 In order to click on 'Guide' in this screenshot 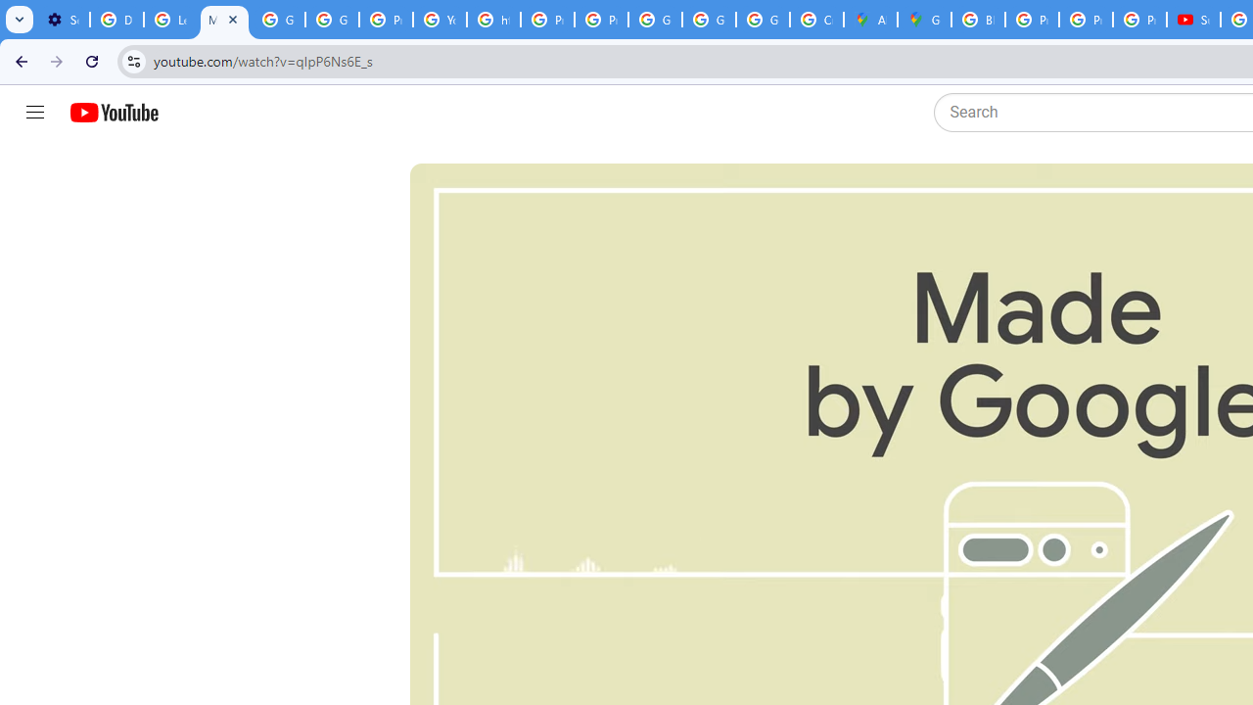, I will do `click(34, 113)`.